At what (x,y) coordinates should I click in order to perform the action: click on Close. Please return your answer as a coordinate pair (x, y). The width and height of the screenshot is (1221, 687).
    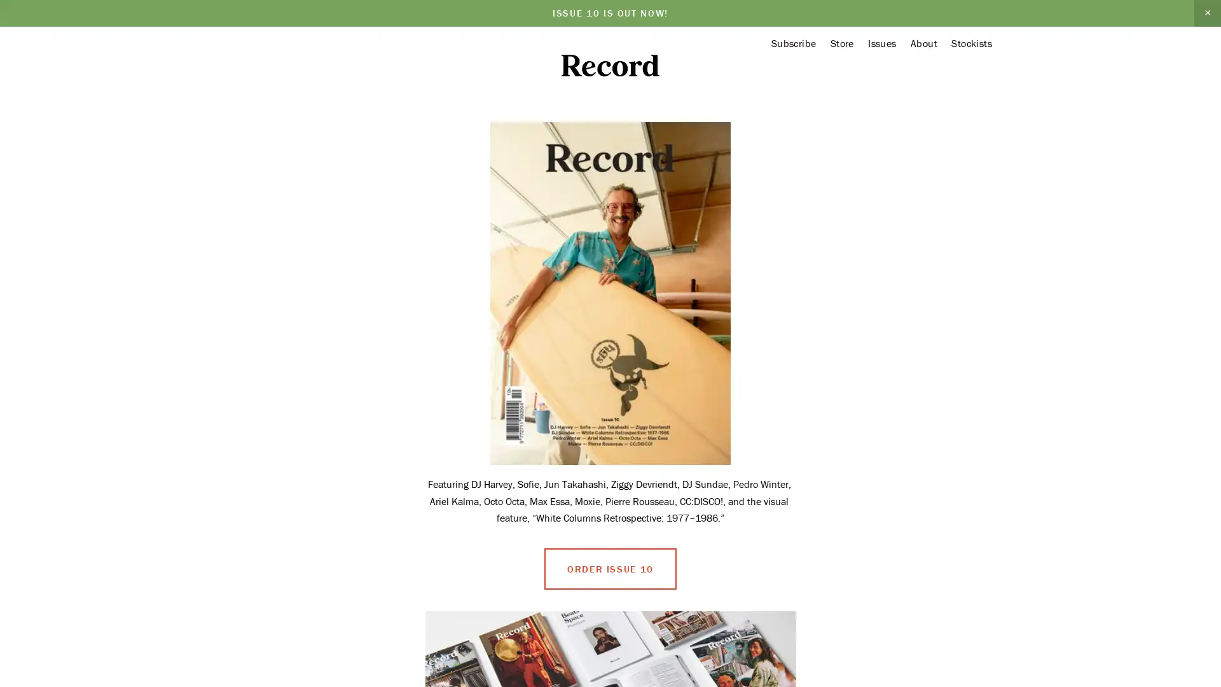
    Looking at the image, I should click on (1205, 571).